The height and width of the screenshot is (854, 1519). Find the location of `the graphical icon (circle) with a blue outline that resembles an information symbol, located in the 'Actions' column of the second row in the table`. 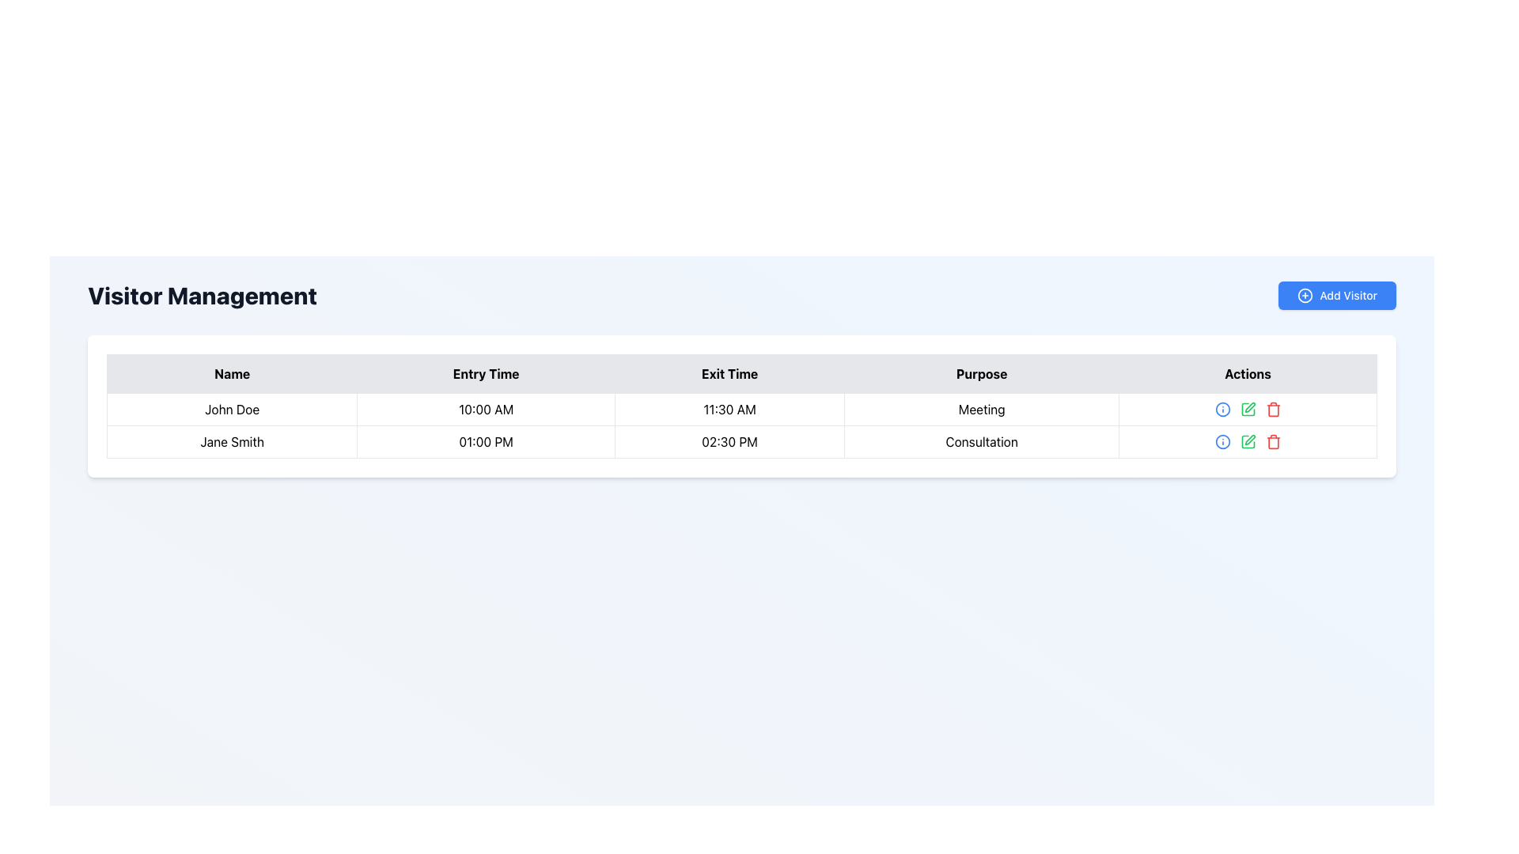

the graphical icon (circle) with a blue outline that resembles an information symbol, located in the 'Actions' column of the second row in the table is located at coordinates (1222, 408).